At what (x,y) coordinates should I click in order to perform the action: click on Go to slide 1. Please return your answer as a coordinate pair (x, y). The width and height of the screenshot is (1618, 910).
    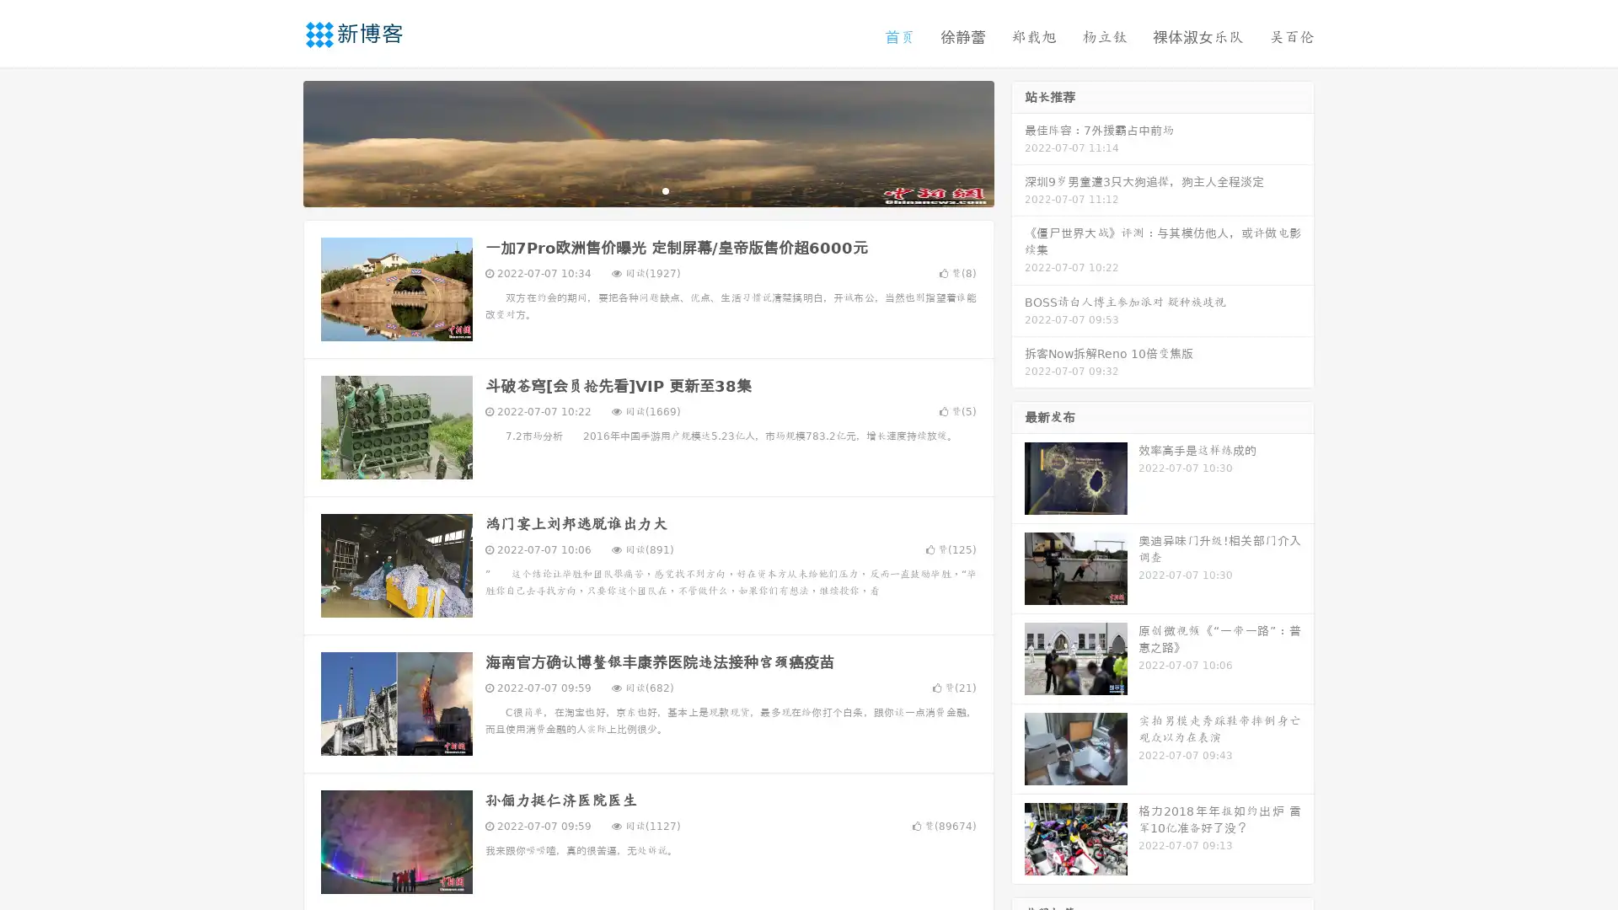
    Looking at the image, I should click on (630, 190).